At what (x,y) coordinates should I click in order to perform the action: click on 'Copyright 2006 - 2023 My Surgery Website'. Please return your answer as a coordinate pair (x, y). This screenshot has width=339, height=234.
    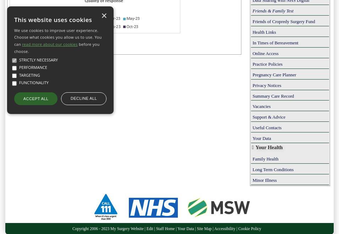
    Looking at the image, I should click on (108, 228).